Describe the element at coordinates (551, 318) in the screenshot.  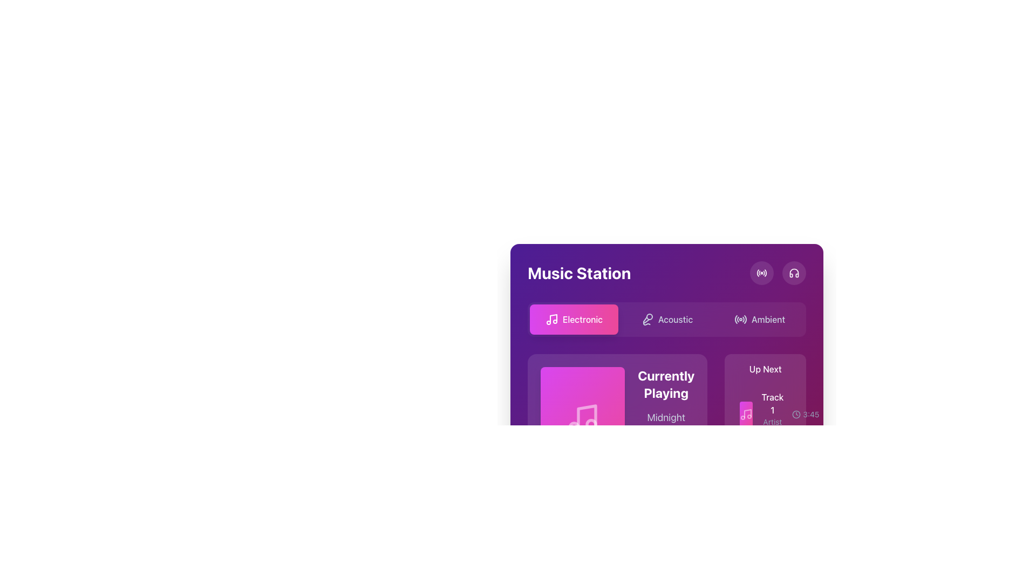
I see `the SVG Icon representing the 'Electronic' music category, which is located to the left of the label text within the 'Electronic' button` at that location.